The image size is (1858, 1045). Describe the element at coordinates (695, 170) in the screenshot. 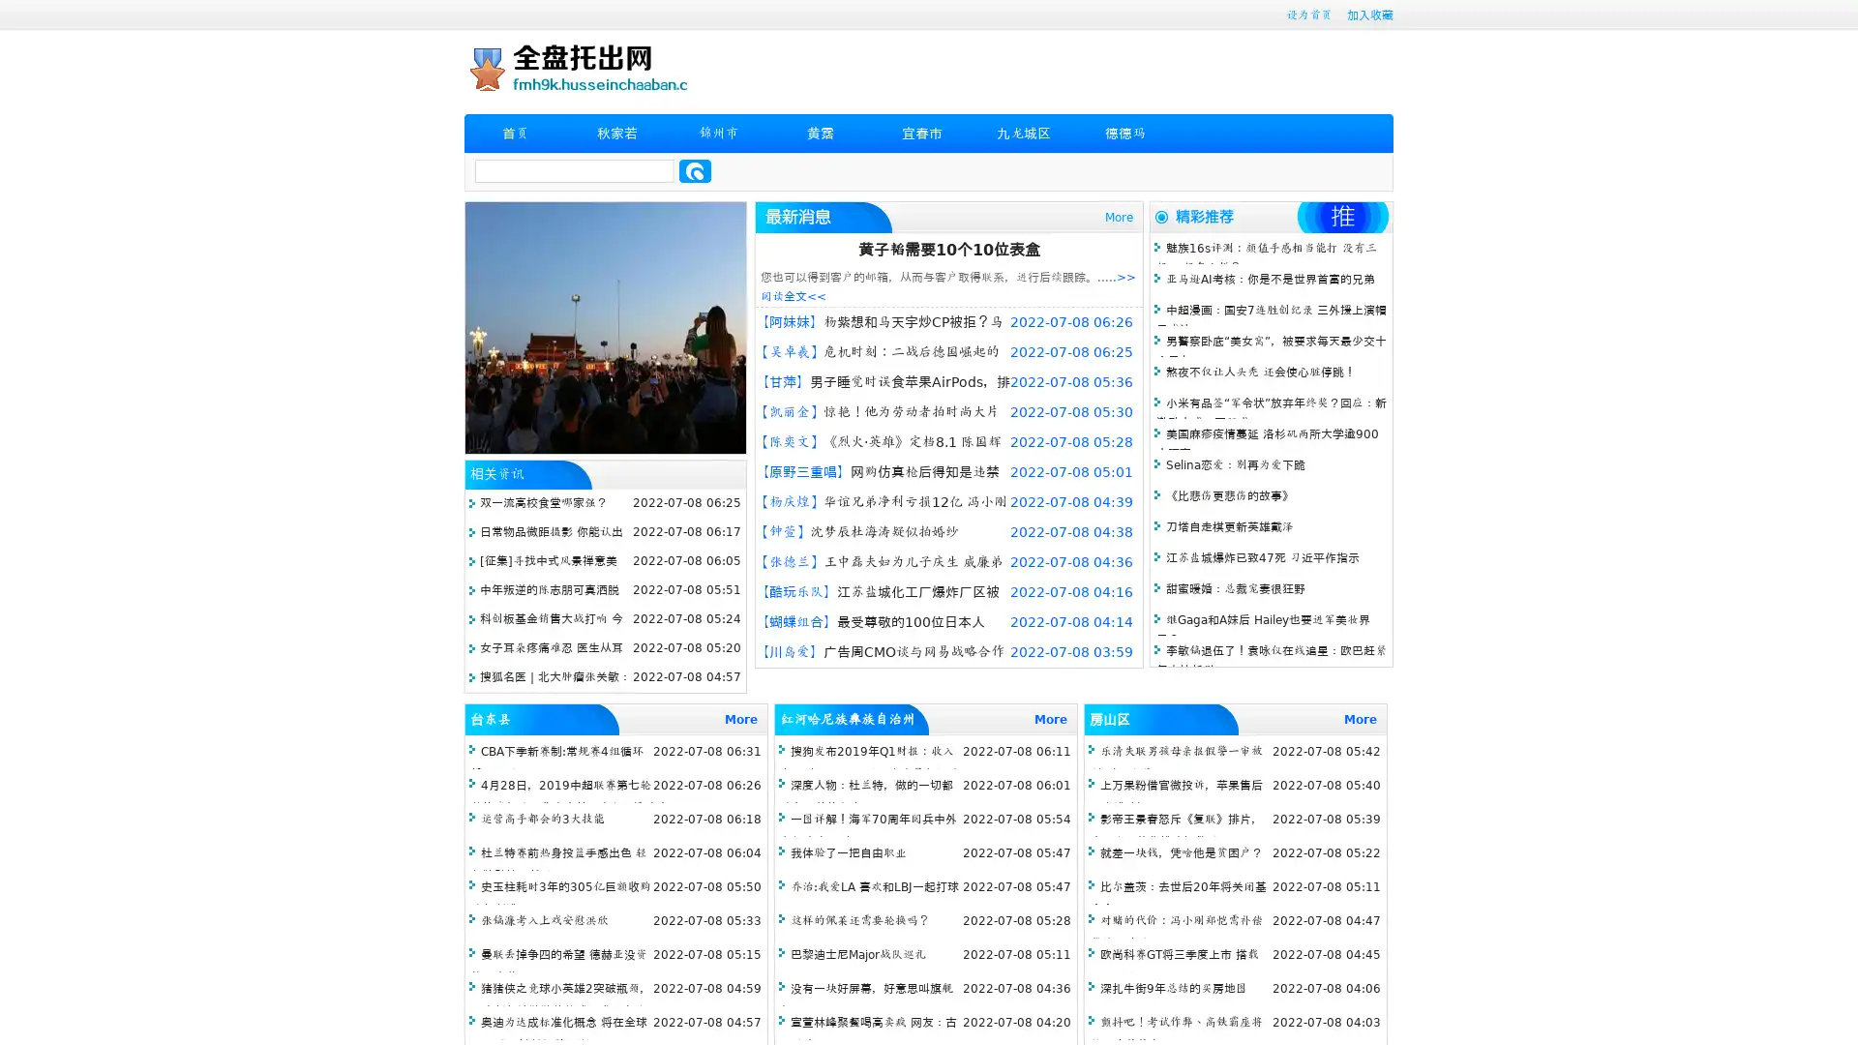

I see `Search` at that location.